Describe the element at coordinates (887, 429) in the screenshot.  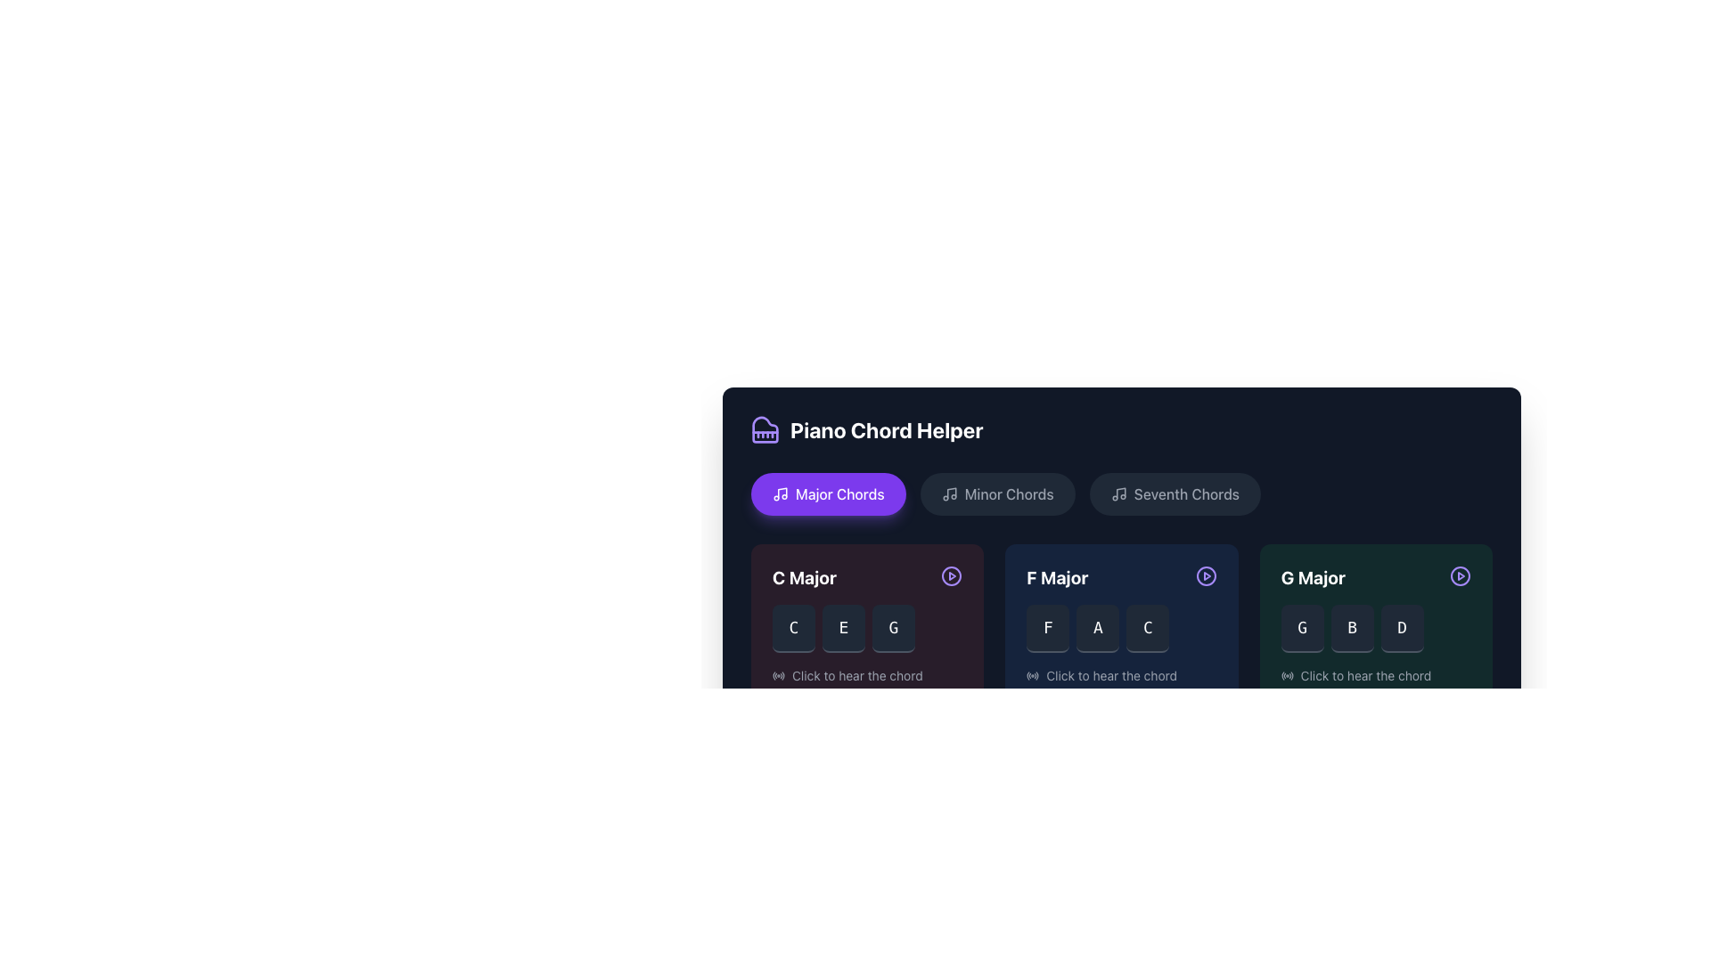
I see `the title text of the piano chord assistance tool, which is centrally positioned and located to the right of a piano icon in the top-left section of the interface` at that location.